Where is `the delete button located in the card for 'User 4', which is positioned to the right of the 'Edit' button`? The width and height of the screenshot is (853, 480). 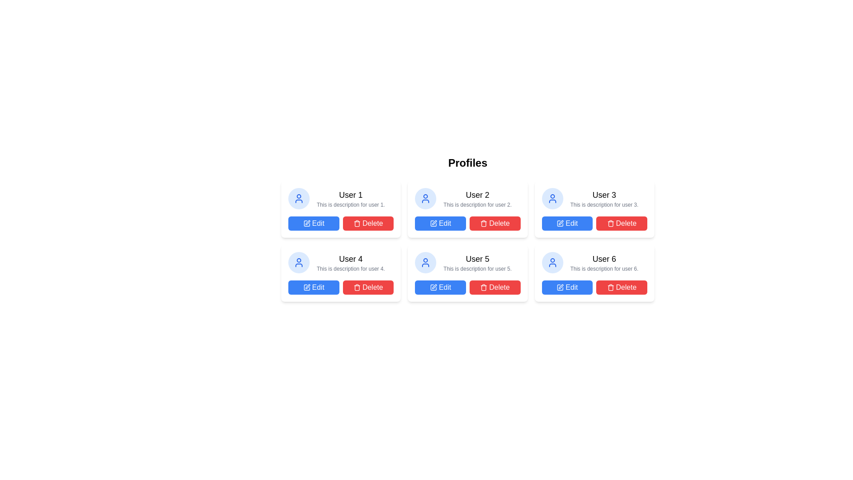 the delete button located in the card for 'User 4', which is positioned to the right of the 'Edit' button is located at coordinates (368, 288).